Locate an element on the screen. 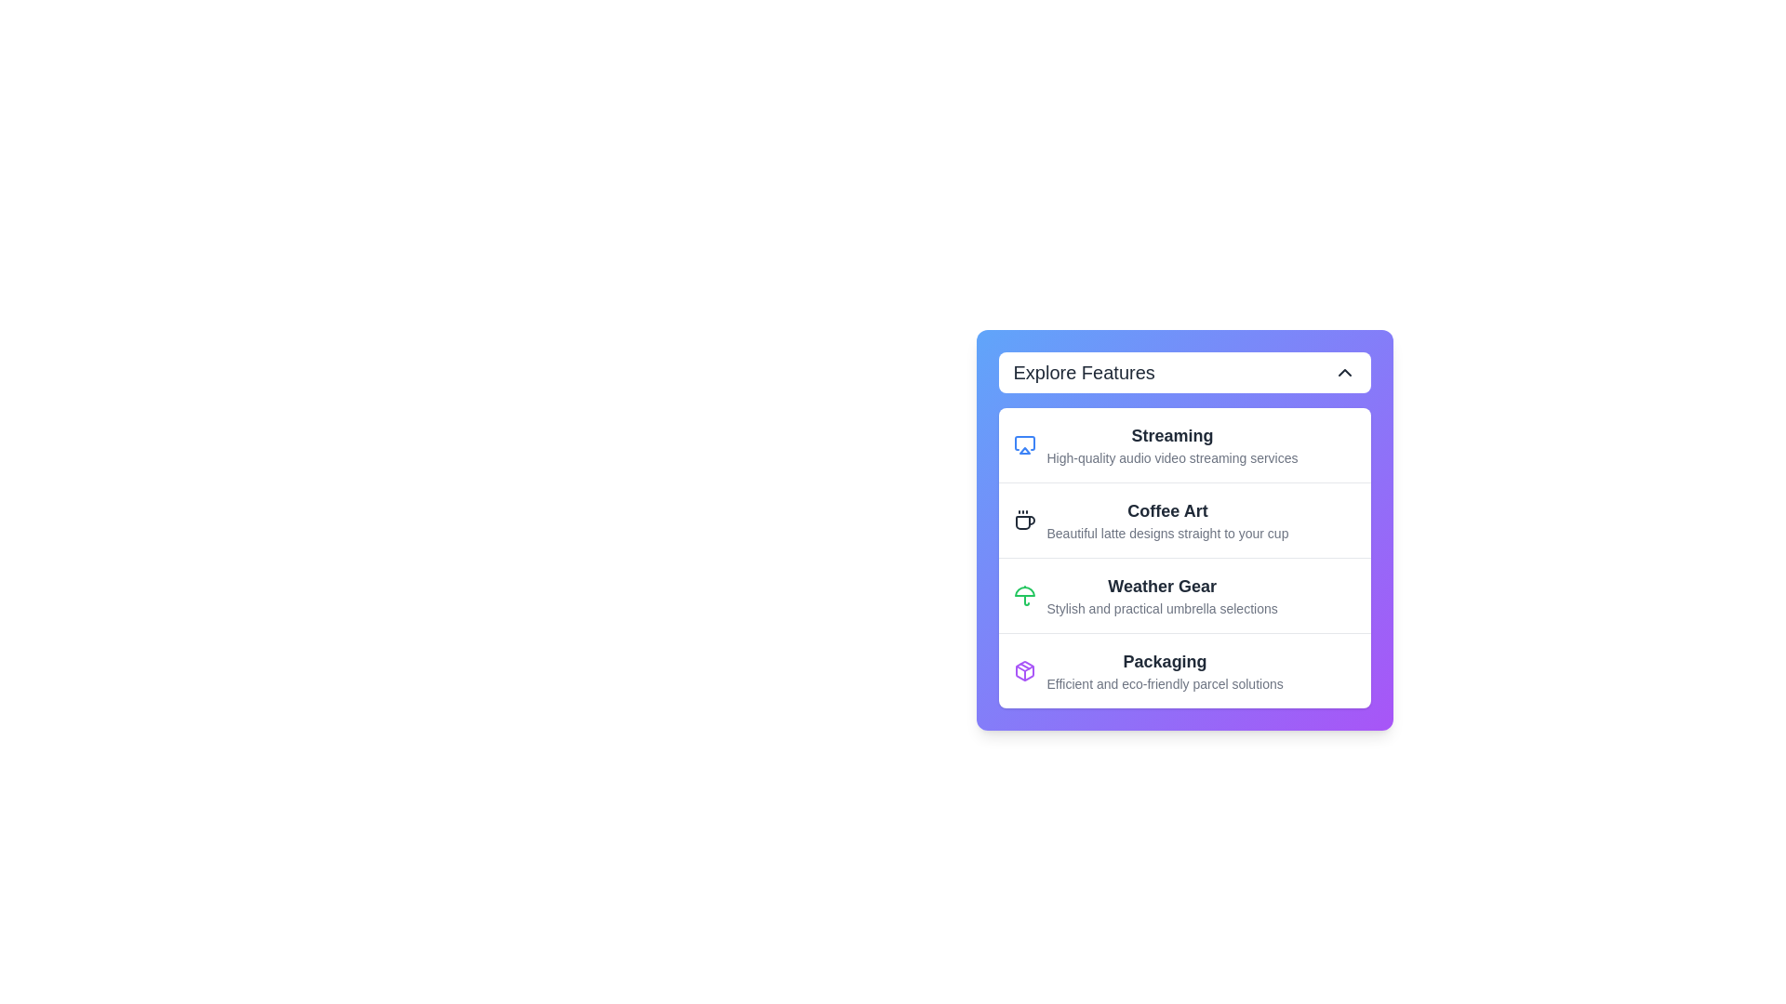 The image size is (1786, 1004). the green umbrella icon located at the top-left corner of the 'Weather Gear' section in the 'Explore Features' menu is located at coordinates (1023, 595).